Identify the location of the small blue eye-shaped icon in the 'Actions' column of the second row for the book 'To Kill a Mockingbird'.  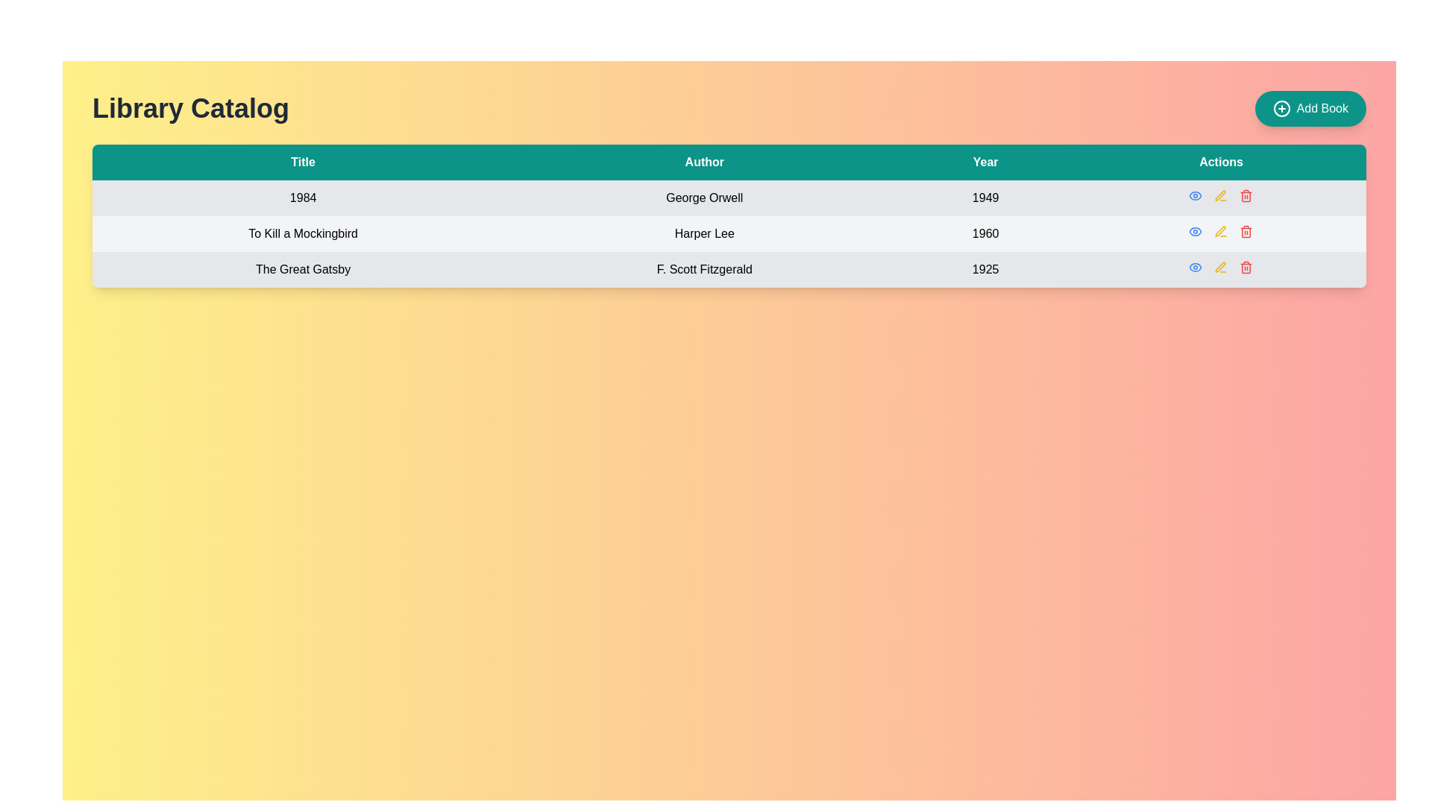
(1196, 232).